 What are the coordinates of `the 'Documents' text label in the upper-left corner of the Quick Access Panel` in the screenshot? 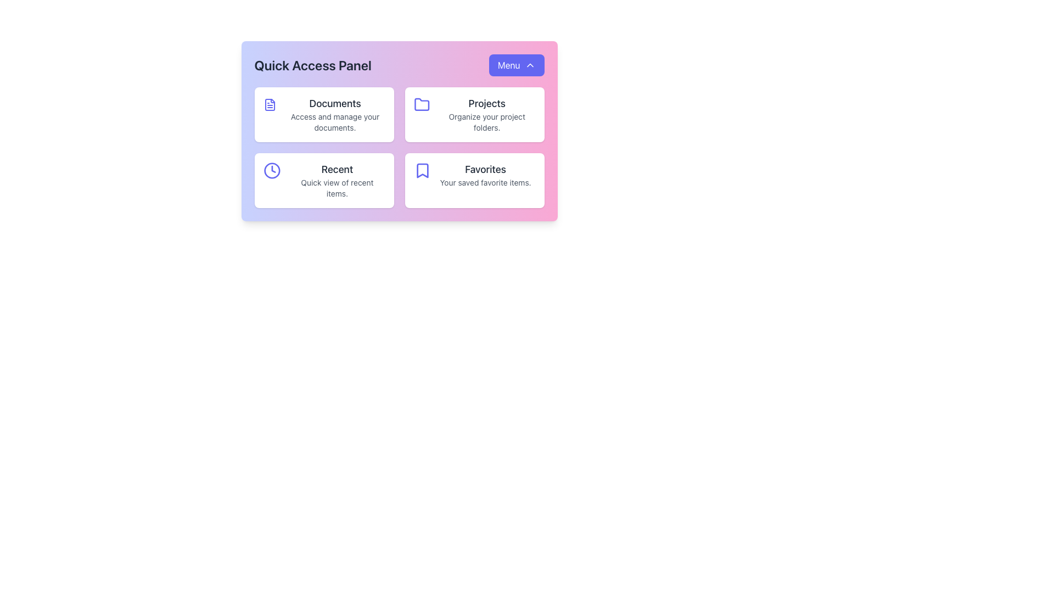 It's located at (334, 114).